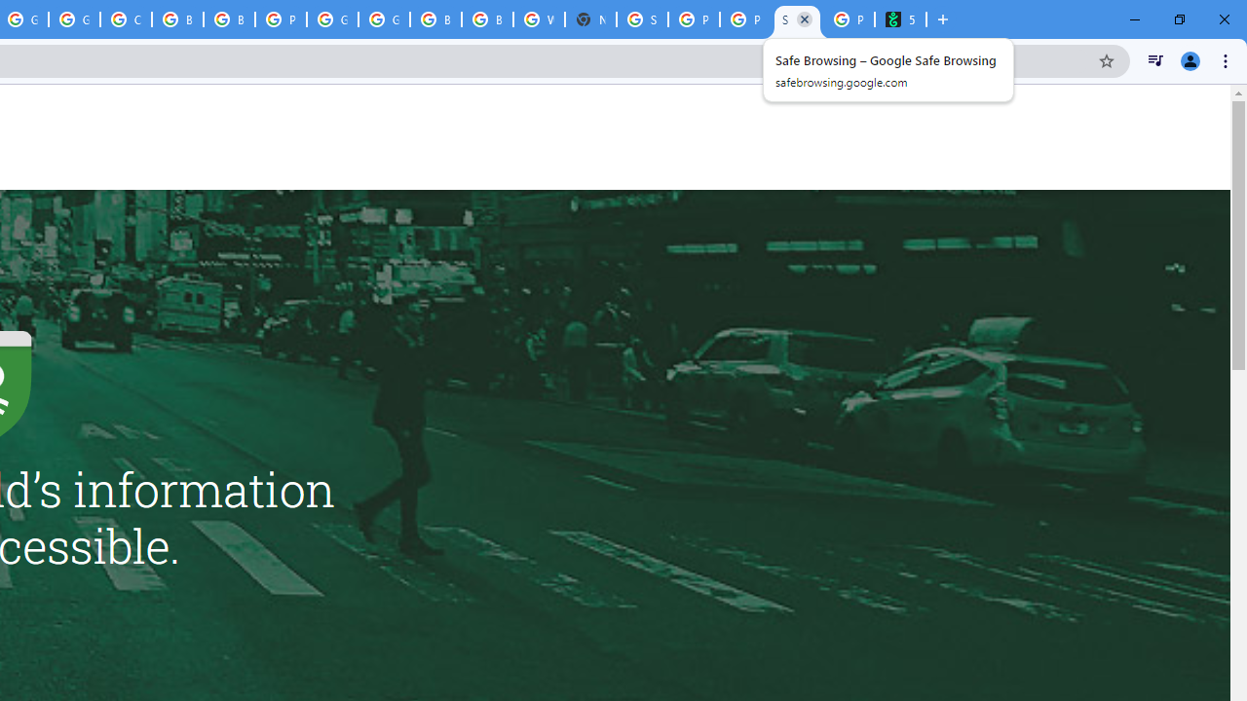 This screenshot has height=701, width=1247. Describe the element at coordinates (589, 19) in the screenshot. I see `'New Tab'` at that location.